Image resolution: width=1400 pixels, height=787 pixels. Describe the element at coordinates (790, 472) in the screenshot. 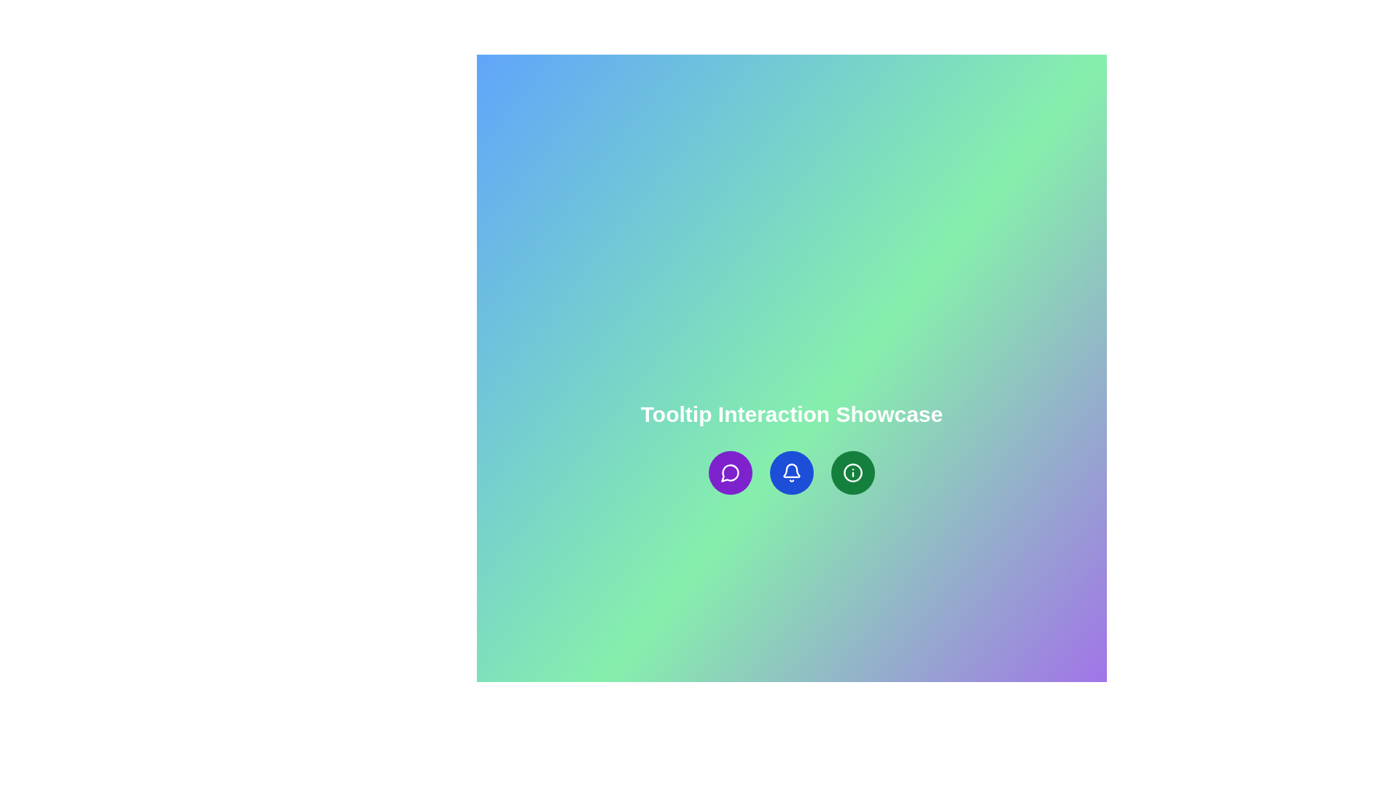

I see `the circular blue button with a white bell icon, which is the second icon in a horizontal arrangement of three buttons` at that location.